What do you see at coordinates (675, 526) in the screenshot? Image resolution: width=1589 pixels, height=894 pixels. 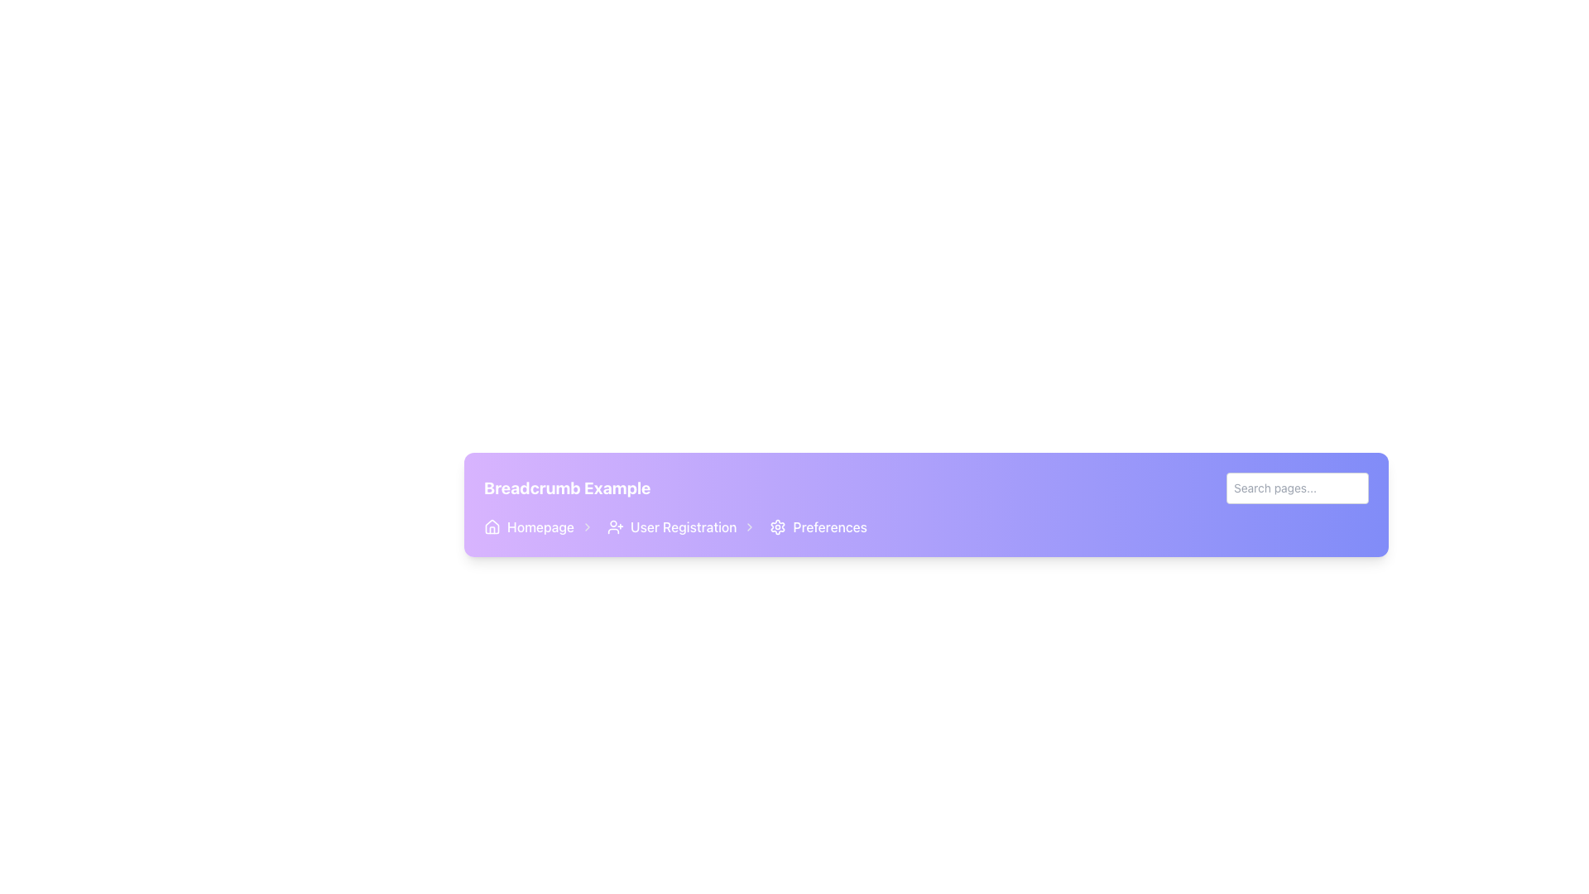 I see `the 'User Registration' link in the breadcrumb navigation bar` at bounding box center [675, 526].